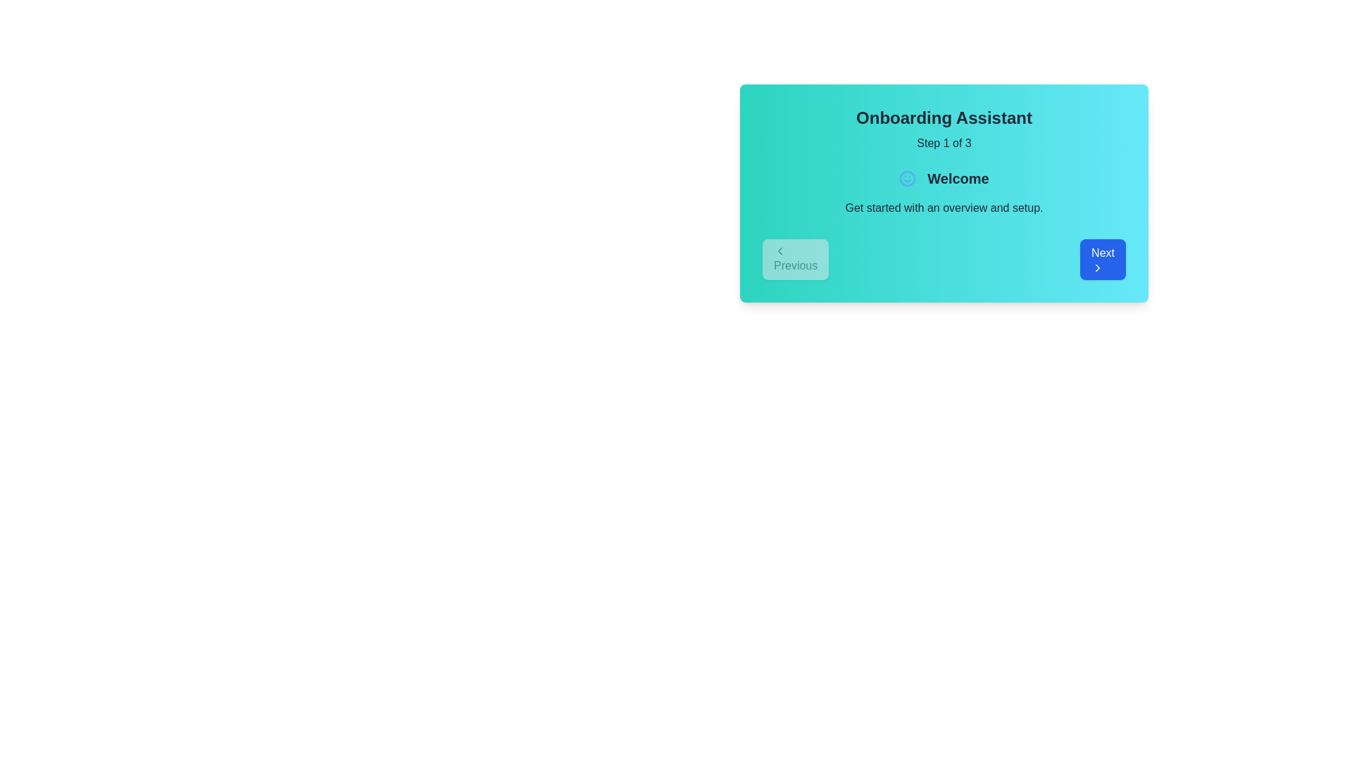  Describe the element at coordinates (1097, 268) in the screenshot. I see `the Chevron icon located to the right of the 'Next' button on the onboarding card interface, which indicates navigation to the next step in the process` at that location.